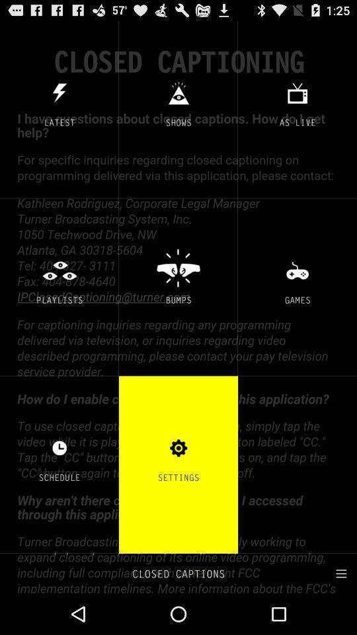  What do you see at coordinates (337, 572) in the screenshot?
I see `select` at bounding box center [337, 572].